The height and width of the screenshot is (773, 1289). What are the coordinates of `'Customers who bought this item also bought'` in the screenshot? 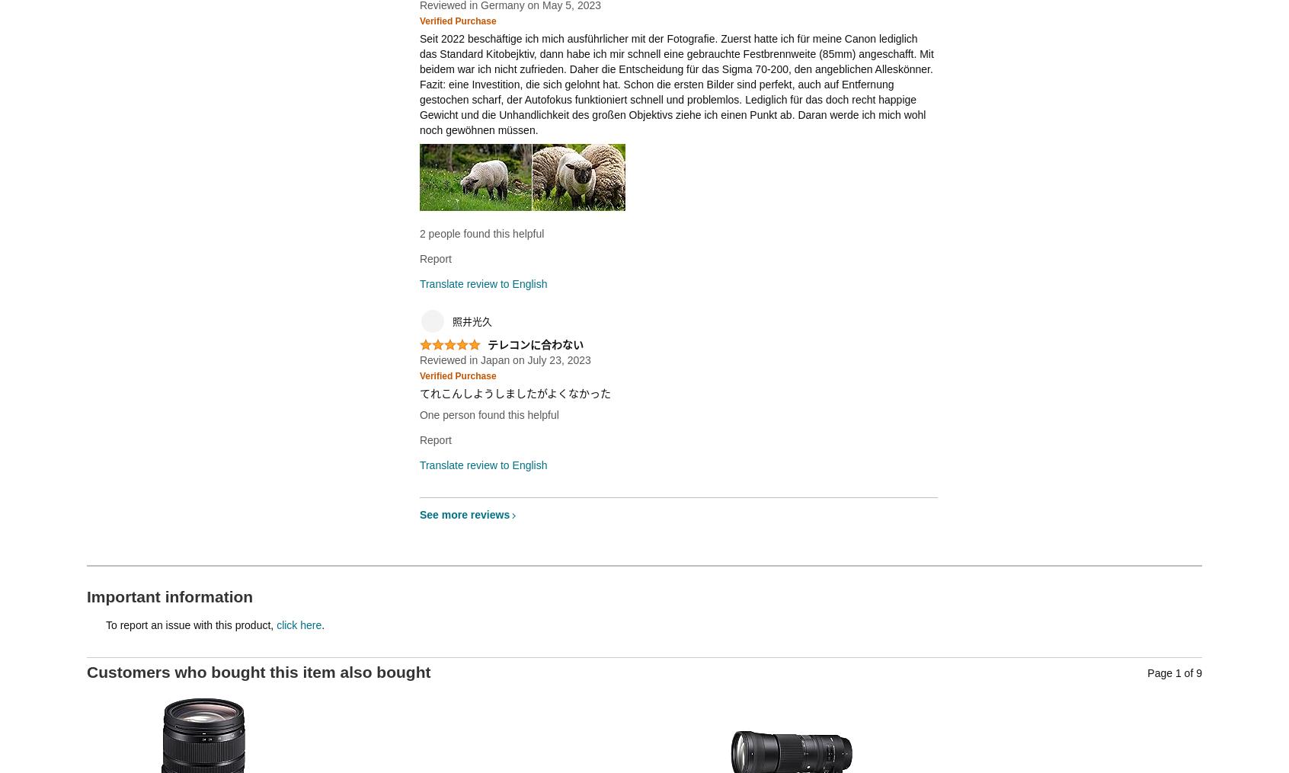 It's located at (257, 670).